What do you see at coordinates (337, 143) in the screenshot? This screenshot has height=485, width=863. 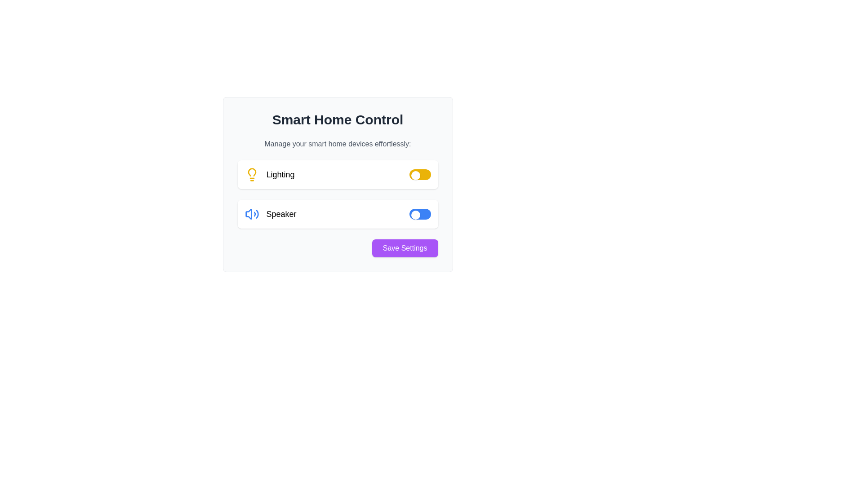 I see `the static text element that provides guiding information for the smart home control interface, located above the controls for lighting and speakers` at bounding box center [337, 143].